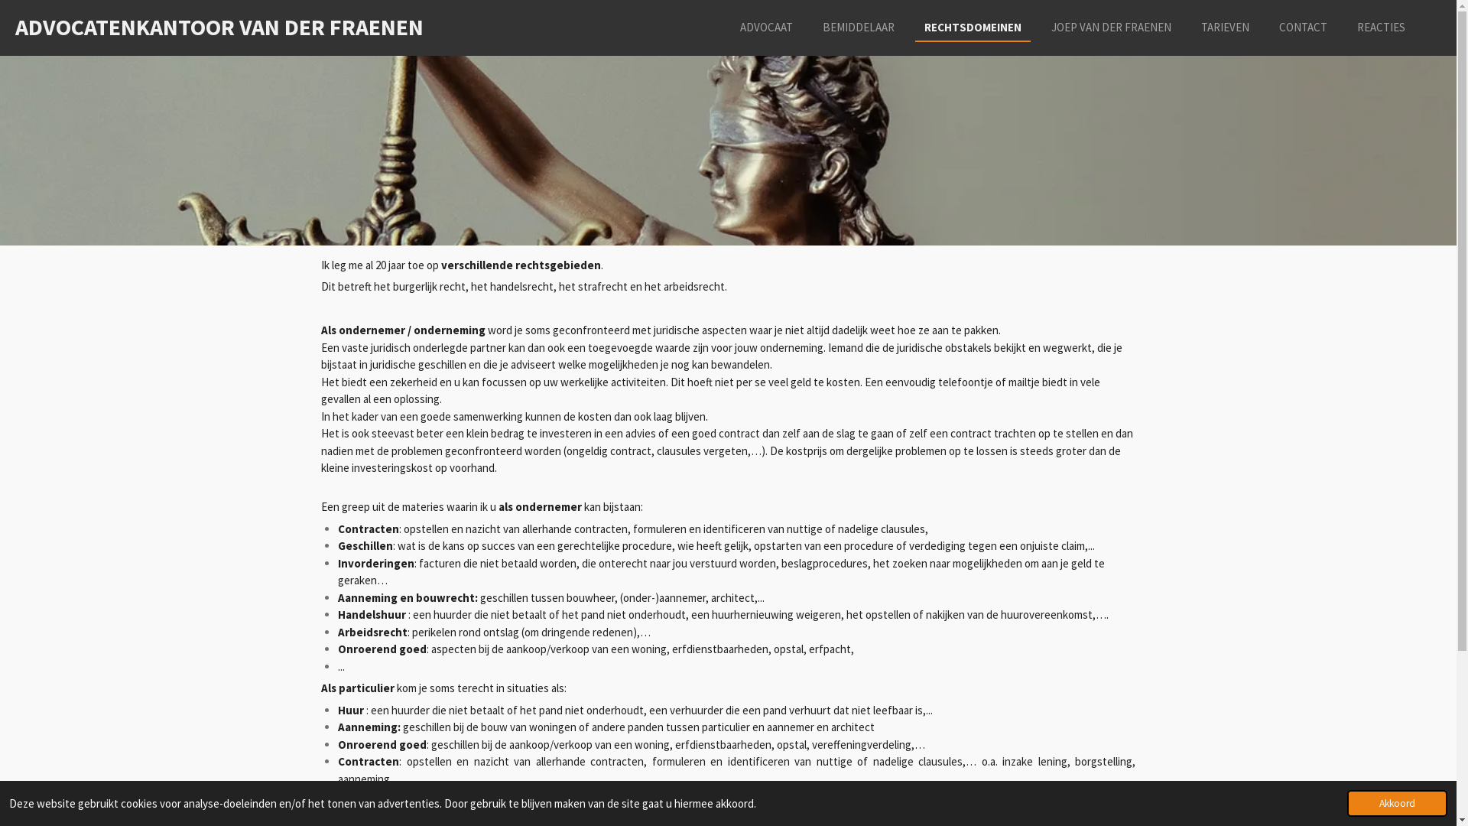 The image size is (1468, 826). What do you see at coordinates (1302, 28) in the screenshot?
I see `'CONTACT'` at bounding box center [1302, 28].